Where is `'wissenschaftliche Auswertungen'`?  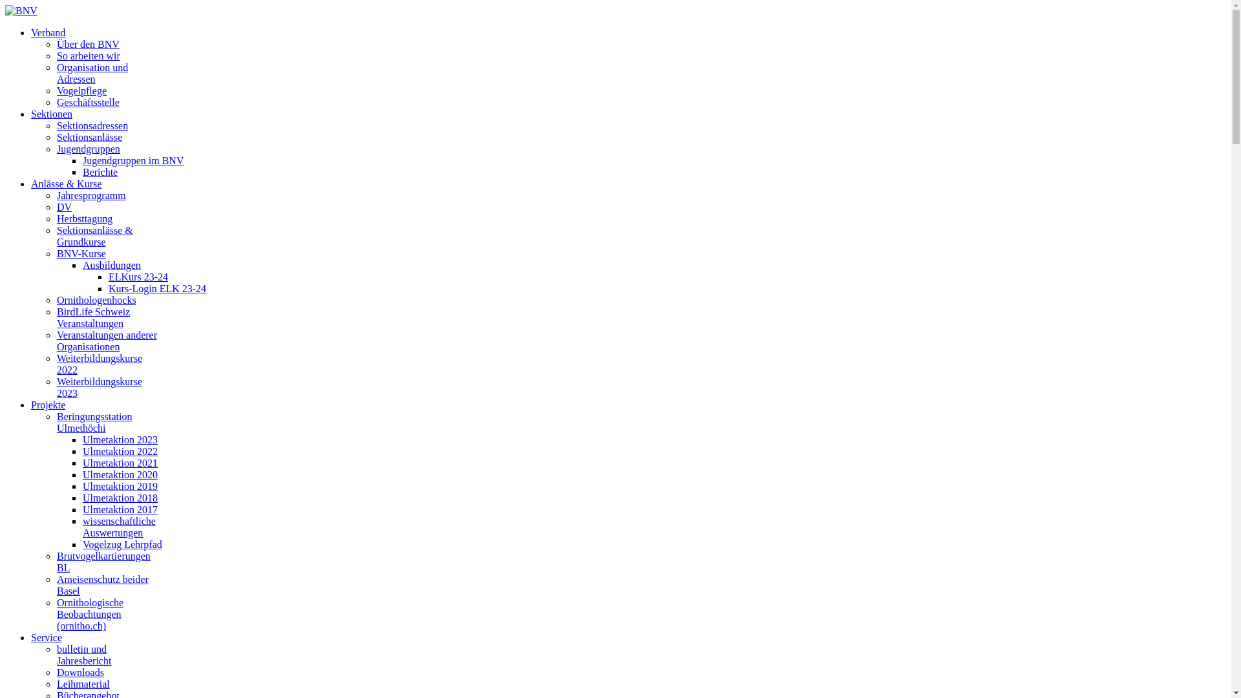
'wissenschaftliche Auswertungen' is located at coordinates (119, 527).